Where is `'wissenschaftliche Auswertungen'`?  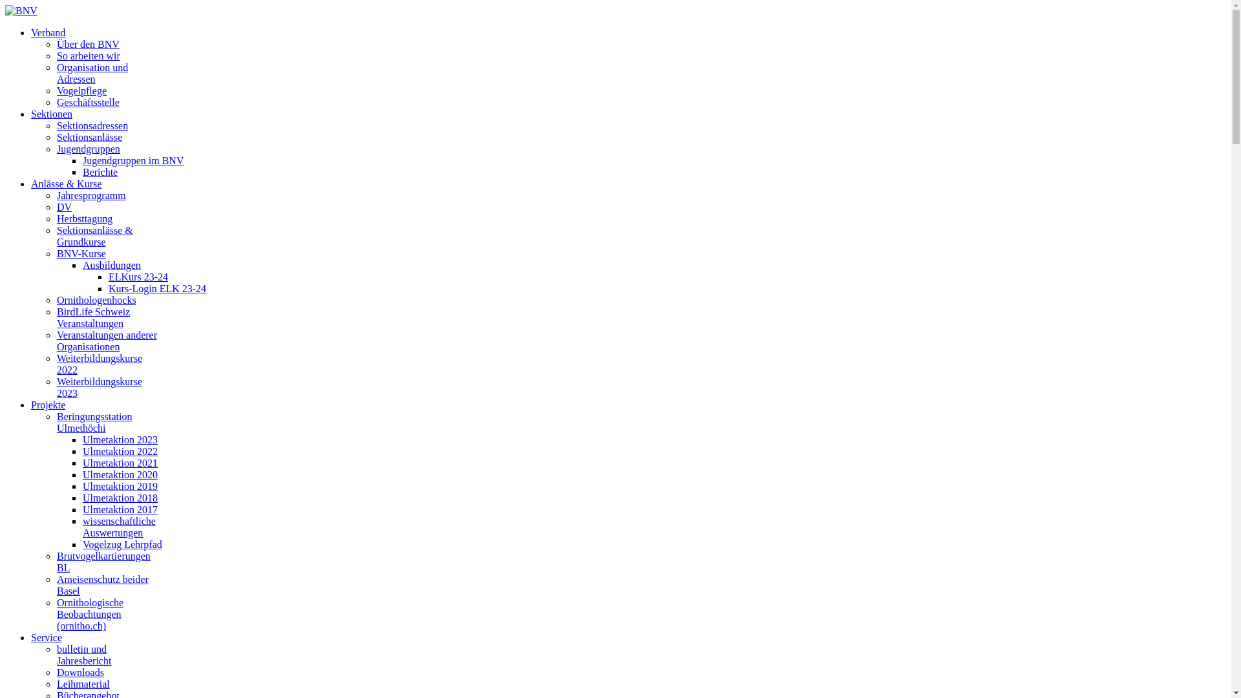
'wissenschaftliche Auswertungen' is located at coordinates (119, 527).